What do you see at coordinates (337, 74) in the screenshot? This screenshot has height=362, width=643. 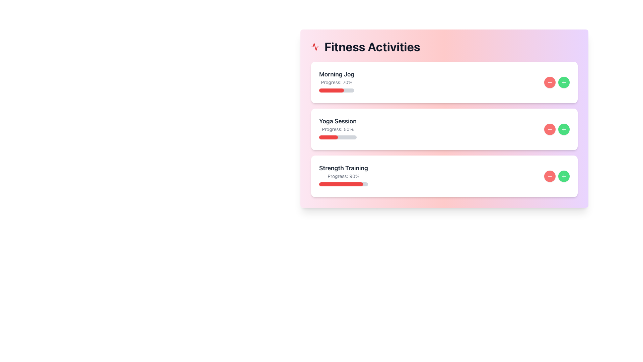 I see `text label displaying 'Morning Jog' which is styled in a large bold font and located at the top left of the card in the 'Fitness Activities' section` at bounding box center [337, 74].